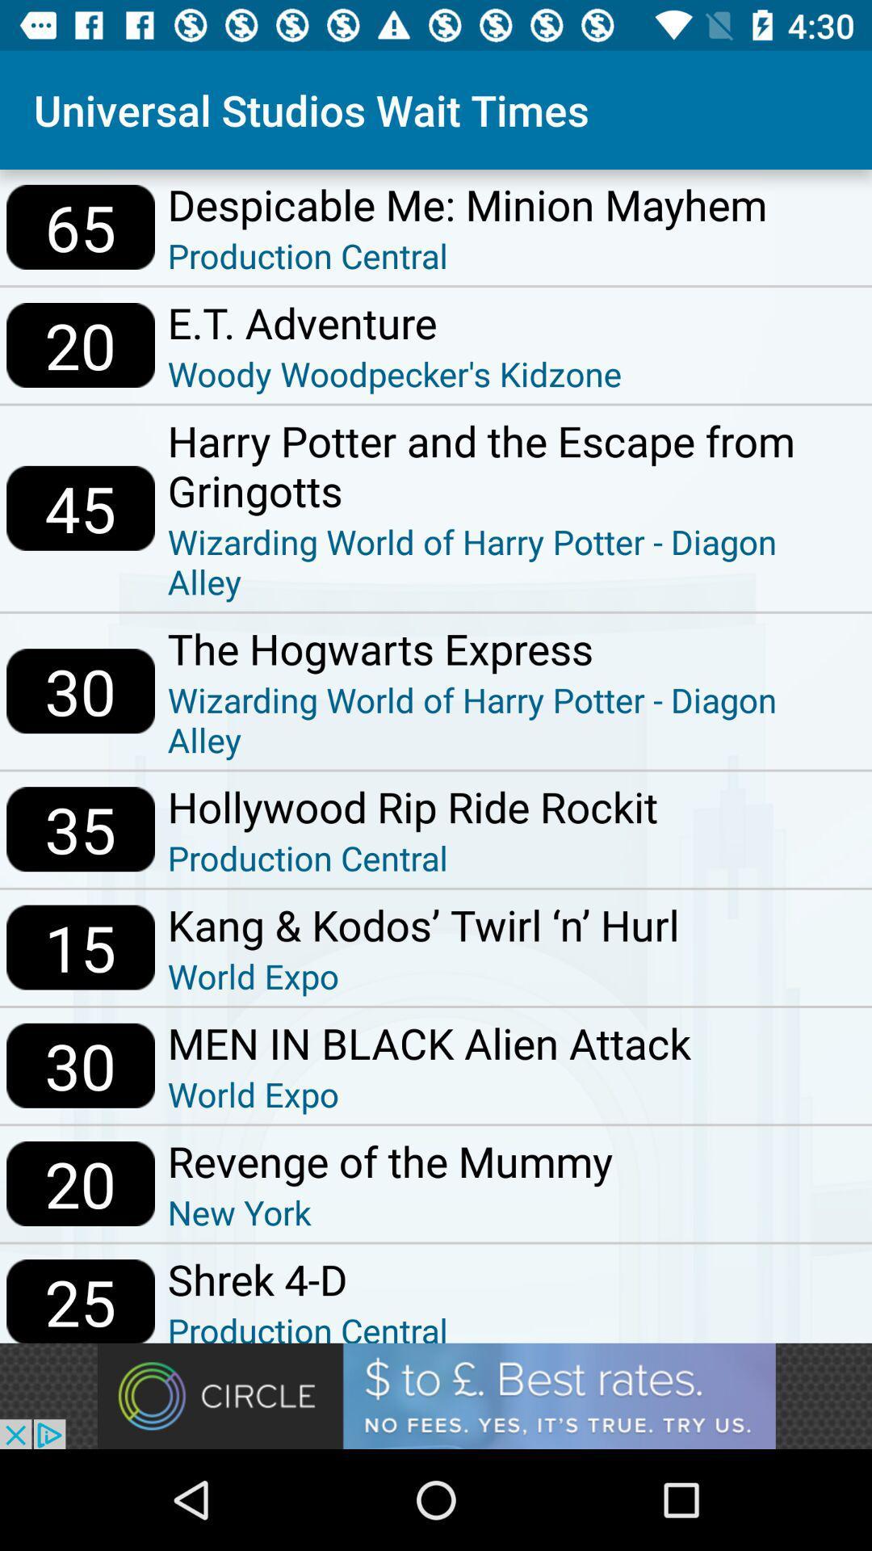  What do you see at coordinates (422, 924) in the screenshot?
I see `the item below production central item` at bounding box center [422, 924].